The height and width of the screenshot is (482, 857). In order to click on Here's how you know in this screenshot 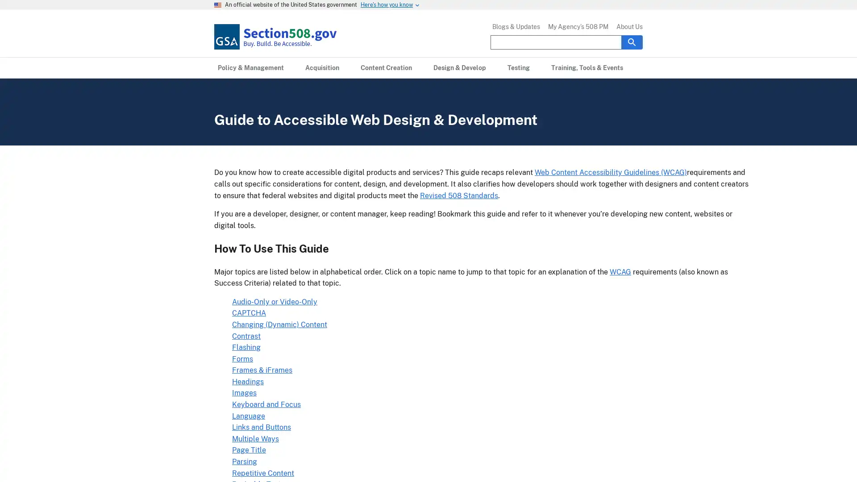, I will do `click(387, 5)`.